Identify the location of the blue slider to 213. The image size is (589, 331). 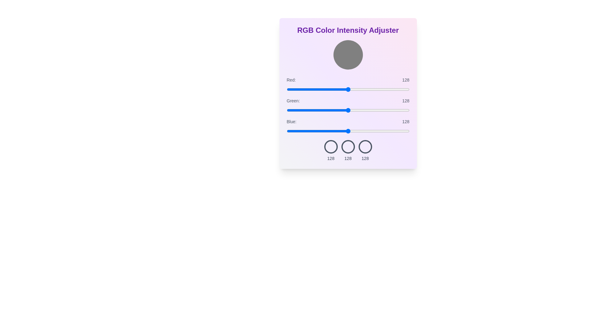
(389, 131).